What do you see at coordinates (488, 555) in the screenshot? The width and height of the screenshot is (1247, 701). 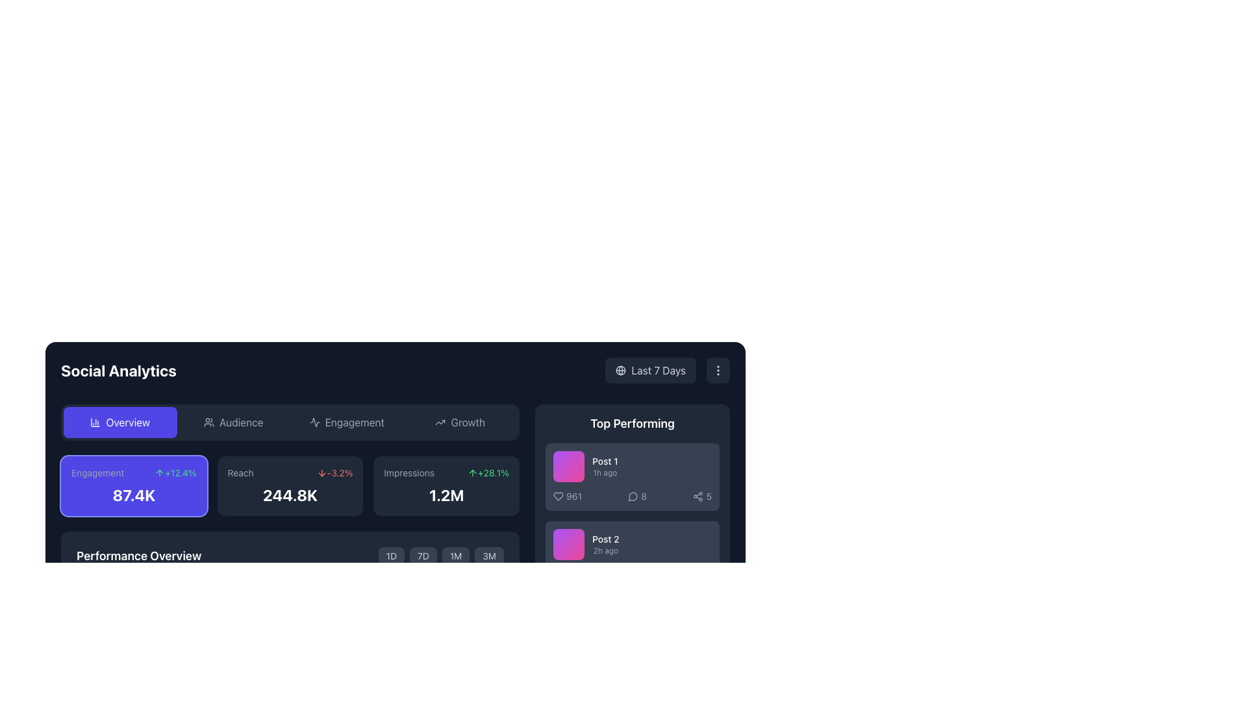 I see `the '3M' button, which is the last button in a horizontal list of four buttons for filtering data by a three-month period` at bounding box center [488, 555].